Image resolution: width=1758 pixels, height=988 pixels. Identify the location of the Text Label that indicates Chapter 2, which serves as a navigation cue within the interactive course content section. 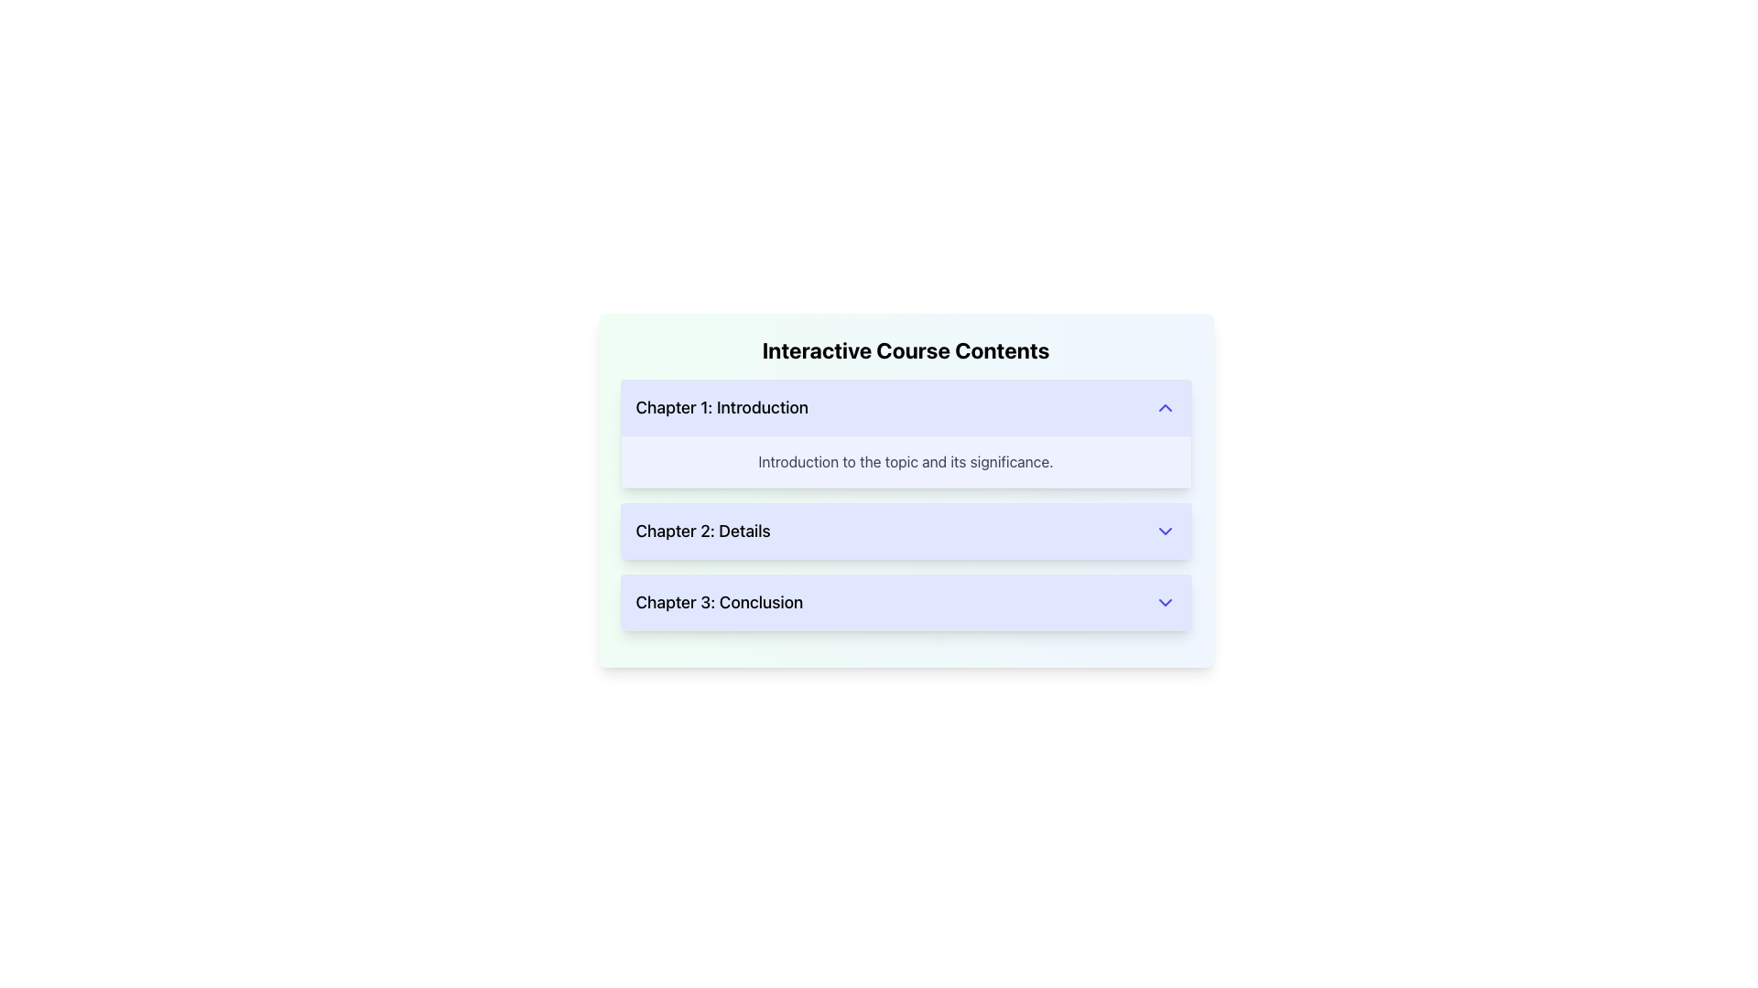
(702, 532).